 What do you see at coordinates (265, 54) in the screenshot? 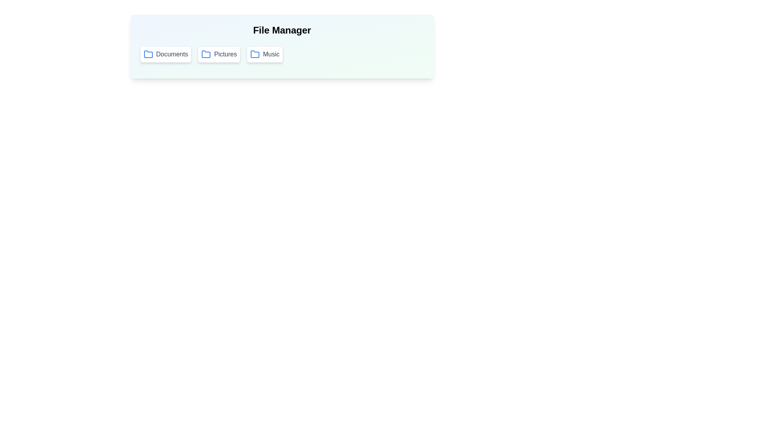
I see `the folder button labeled Music to select it` at bounding box center [265, 54].